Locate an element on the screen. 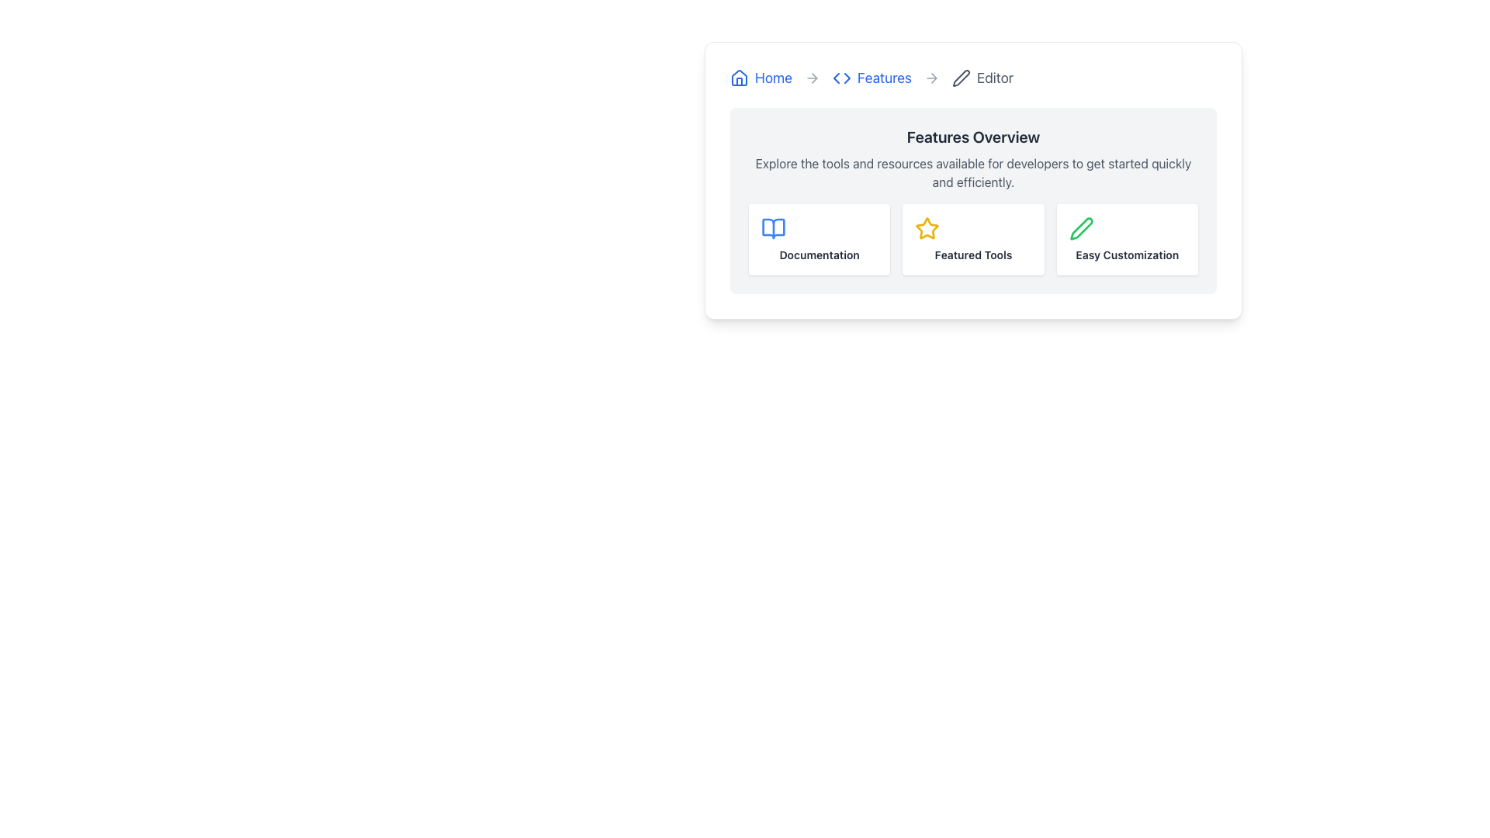  the informational section's cards is located at coordinates (972, 199).